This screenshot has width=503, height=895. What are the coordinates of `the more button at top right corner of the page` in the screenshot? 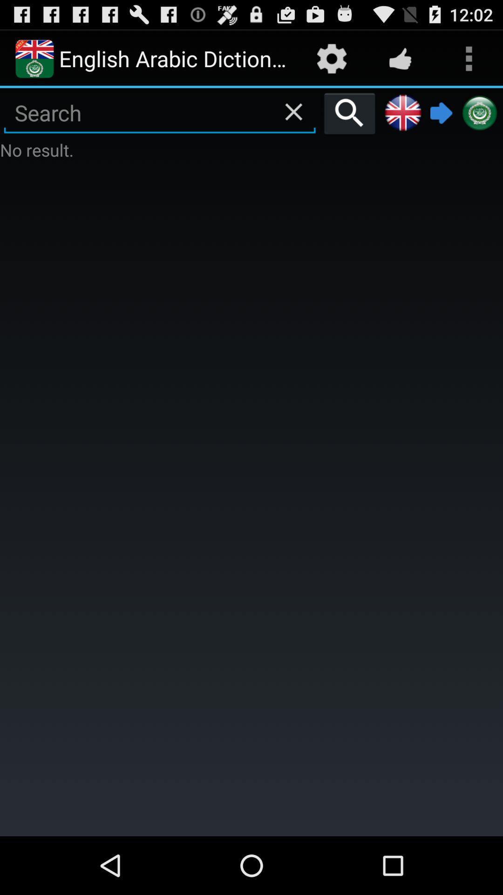 It's located at (469, 58).